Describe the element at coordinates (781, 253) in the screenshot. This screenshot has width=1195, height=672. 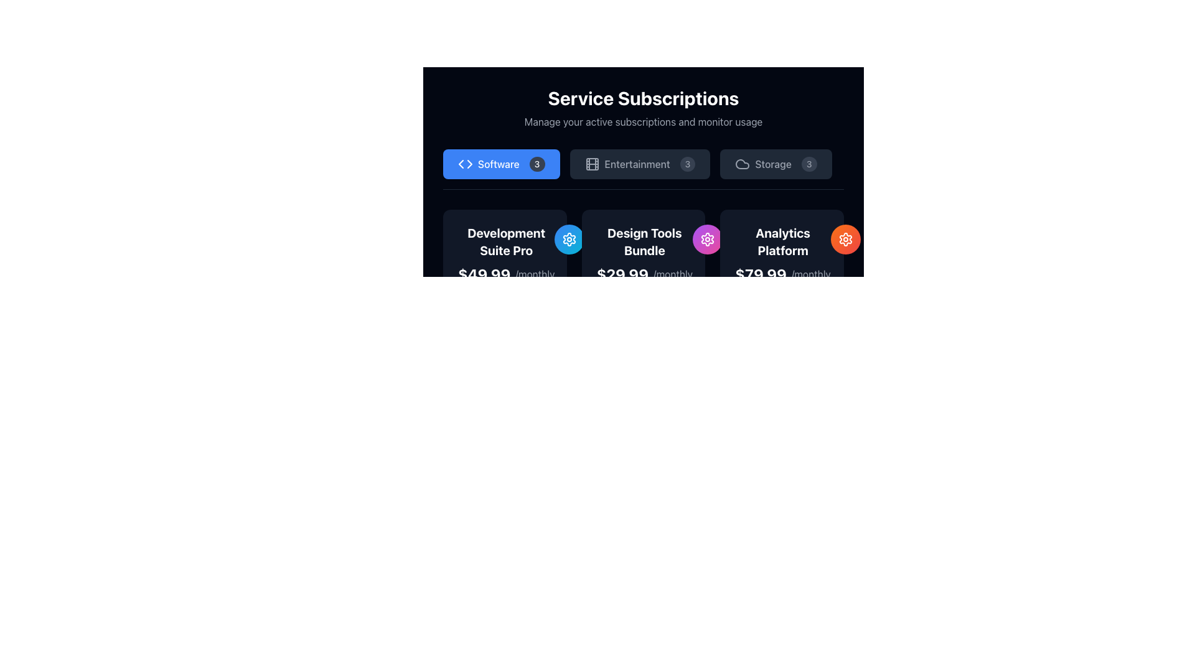
I see `the text display component that shows information about the 'Analytics Platform' subscription service, positioned as the third card in the grid layout` at that location.